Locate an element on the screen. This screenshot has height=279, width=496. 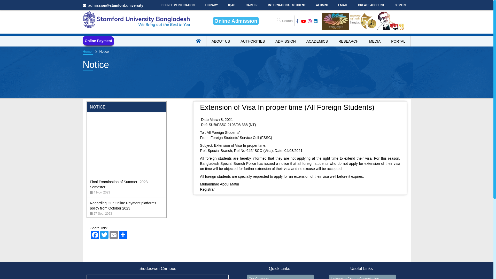
'SIGN IN' is located at coordinates (400, 5).